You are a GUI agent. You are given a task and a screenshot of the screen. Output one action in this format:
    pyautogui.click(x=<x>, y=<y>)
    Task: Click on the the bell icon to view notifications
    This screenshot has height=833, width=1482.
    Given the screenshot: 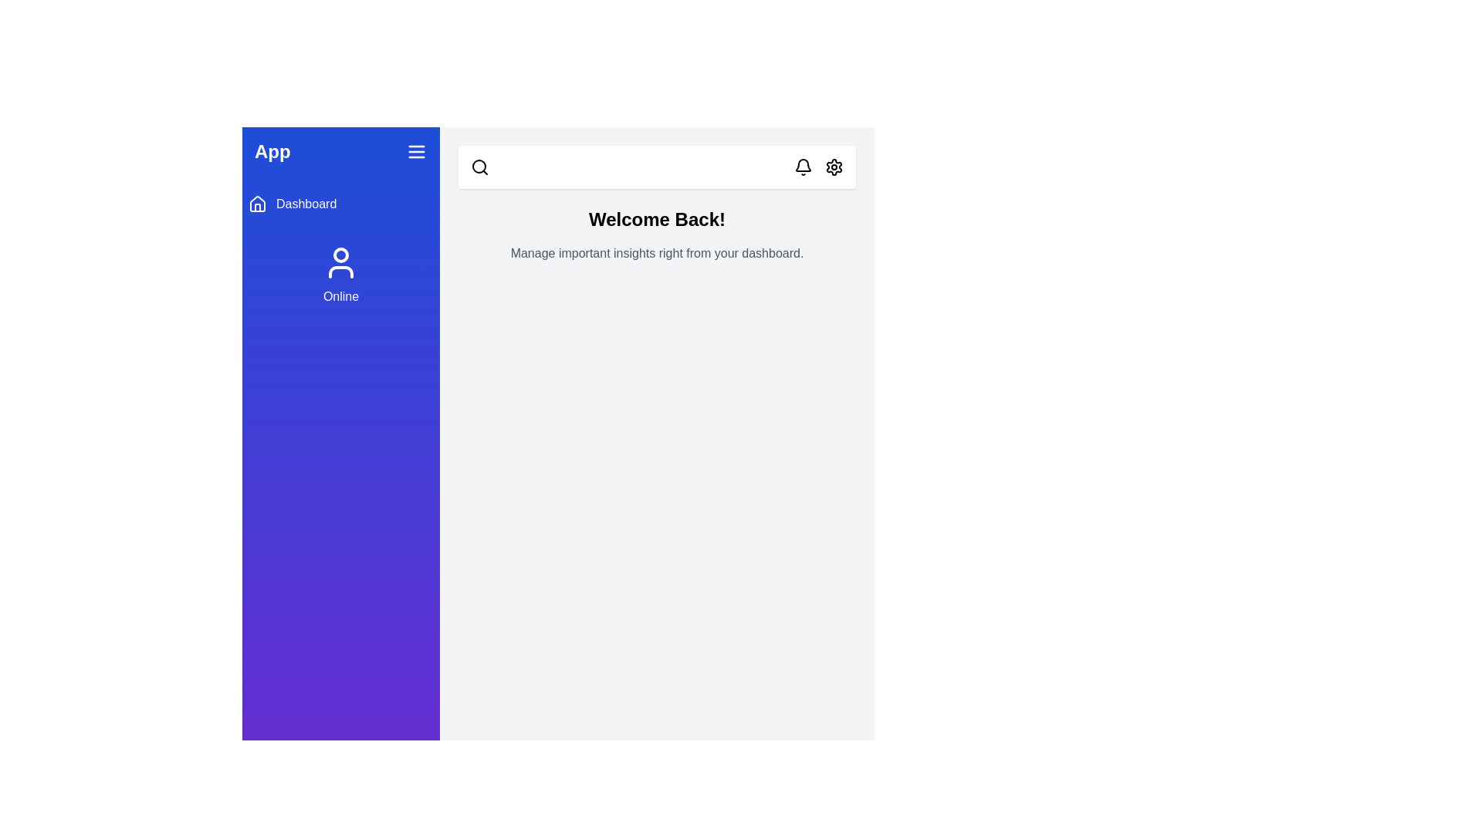 What is the action you would take?
    pyautogui.click(x=803, y=167)
    